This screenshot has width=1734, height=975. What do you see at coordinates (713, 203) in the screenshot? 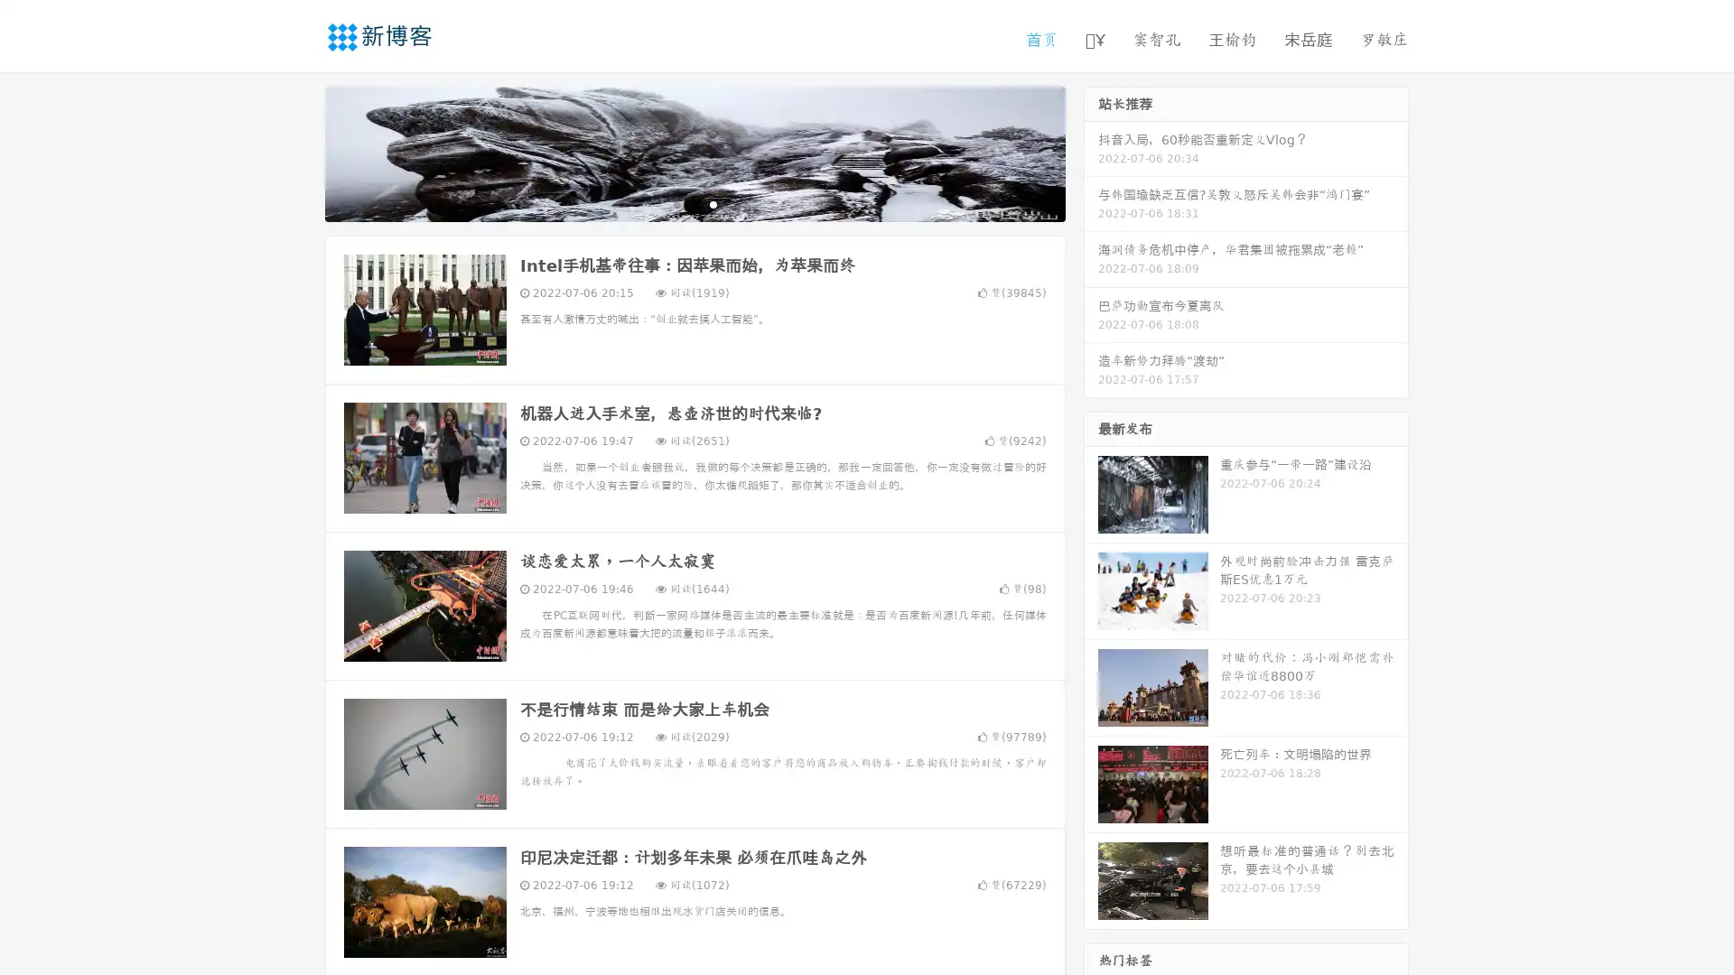
I see `Go to slide 3` at bounding box center [713, 203].